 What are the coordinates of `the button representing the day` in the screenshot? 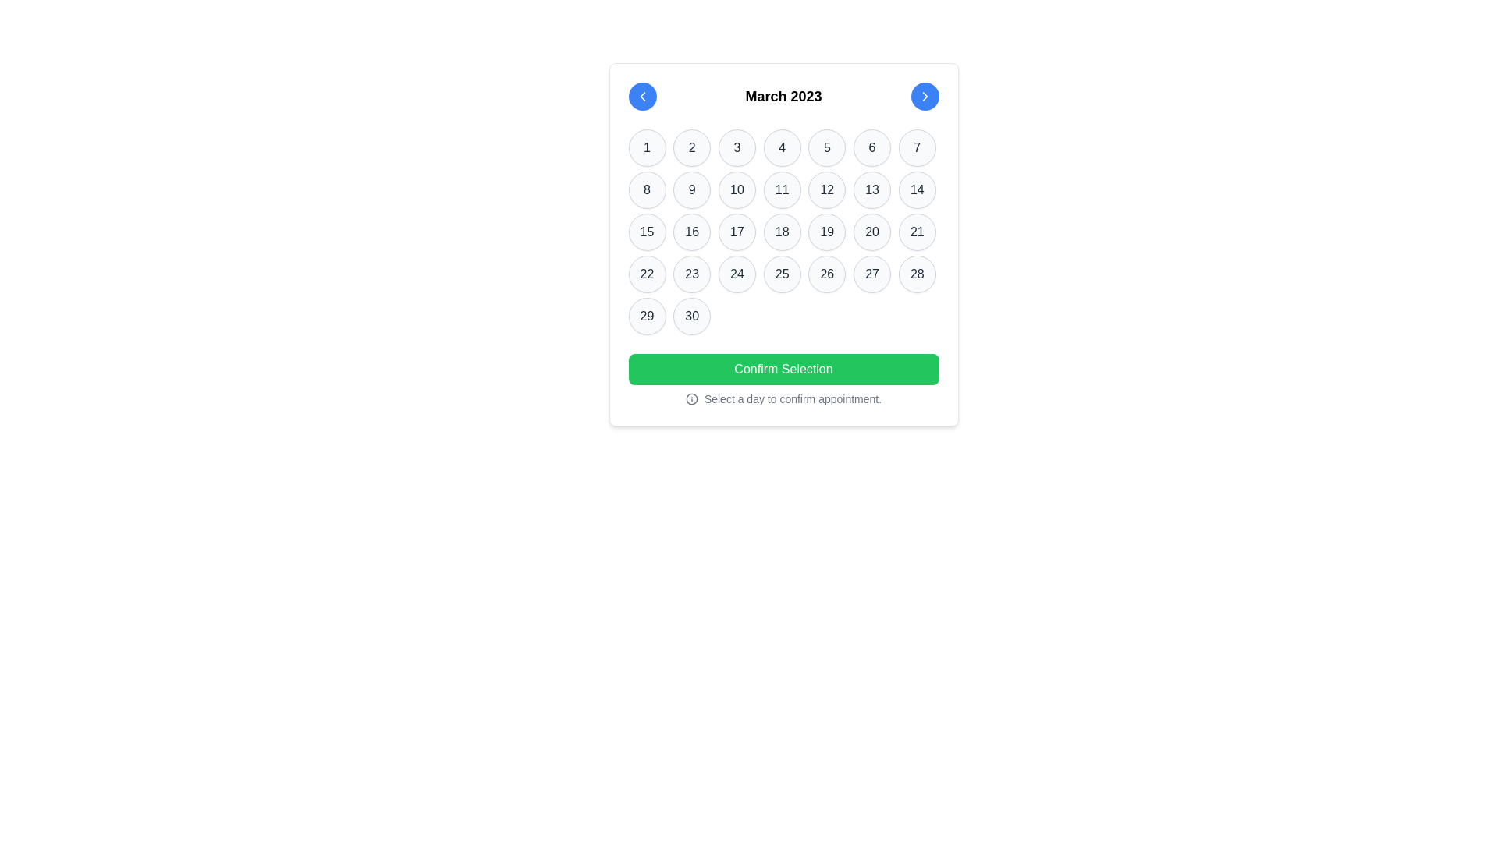 It's located at (736, 189).